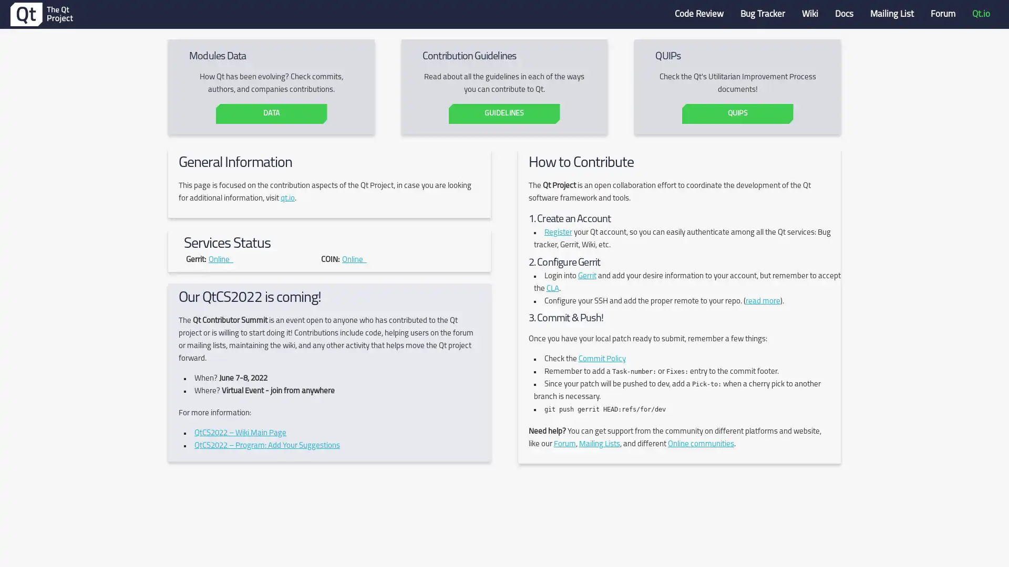 The height and width of the screenshot is (567, 1009). I want to click on DATA, so click(271, 113).